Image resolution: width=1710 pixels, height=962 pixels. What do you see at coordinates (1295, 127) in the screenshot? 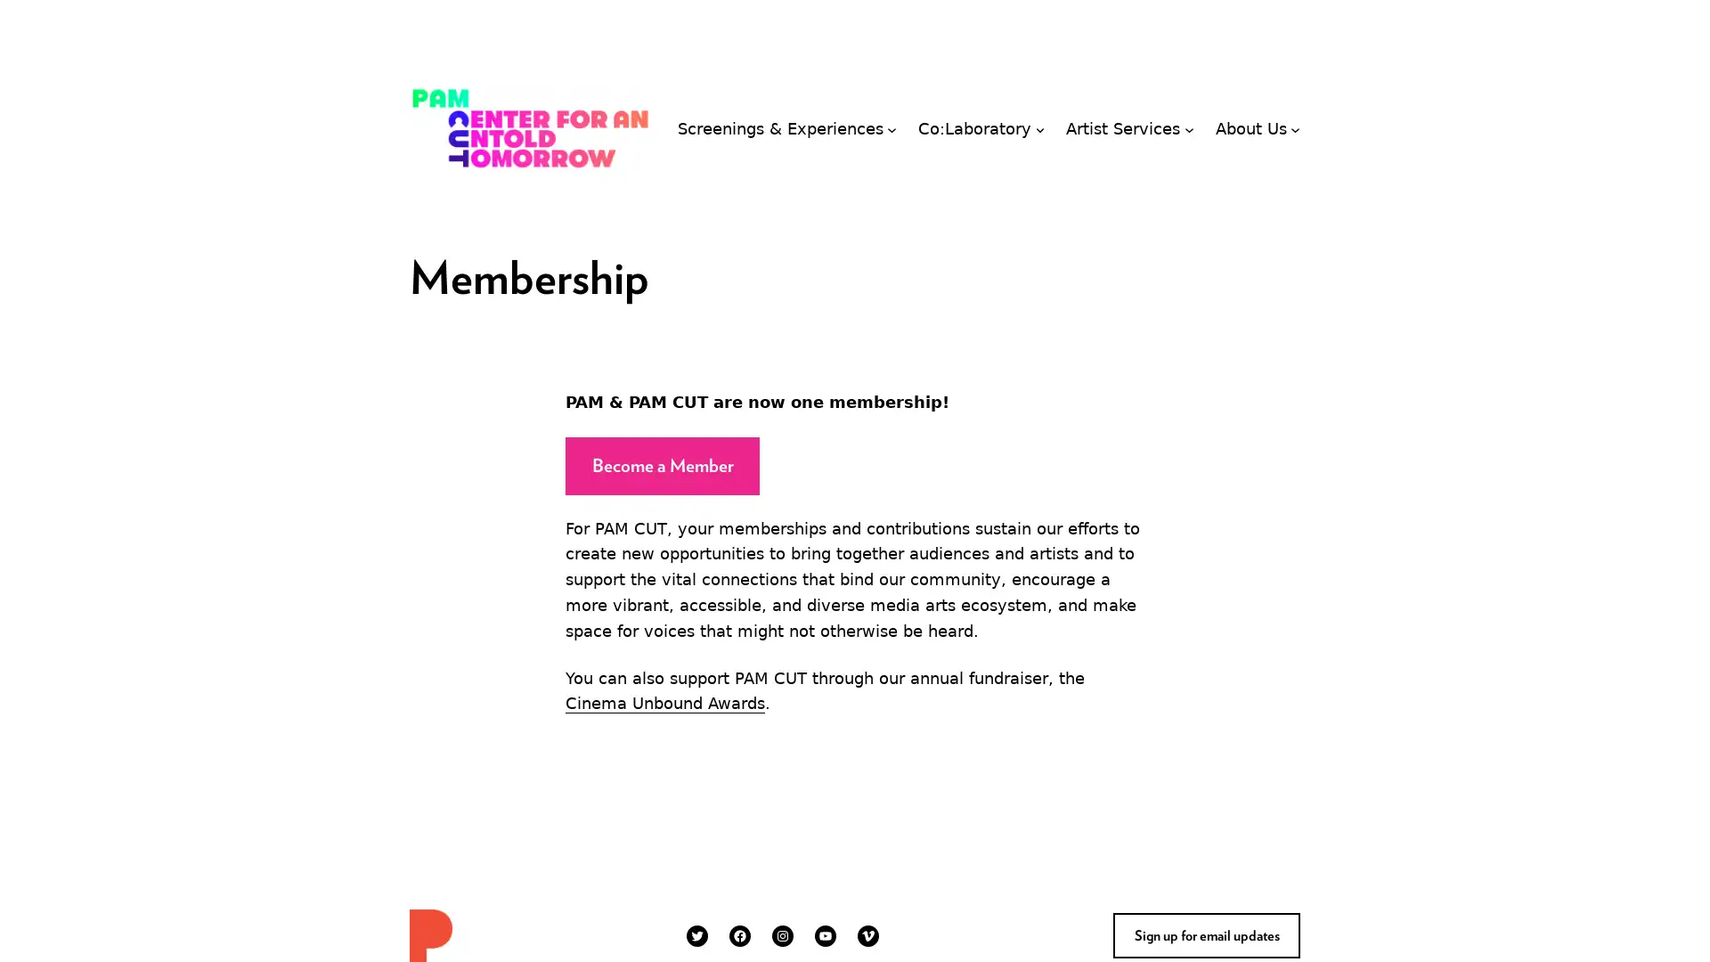
I see `About Us submenu` at bounding box center [1295, 127].